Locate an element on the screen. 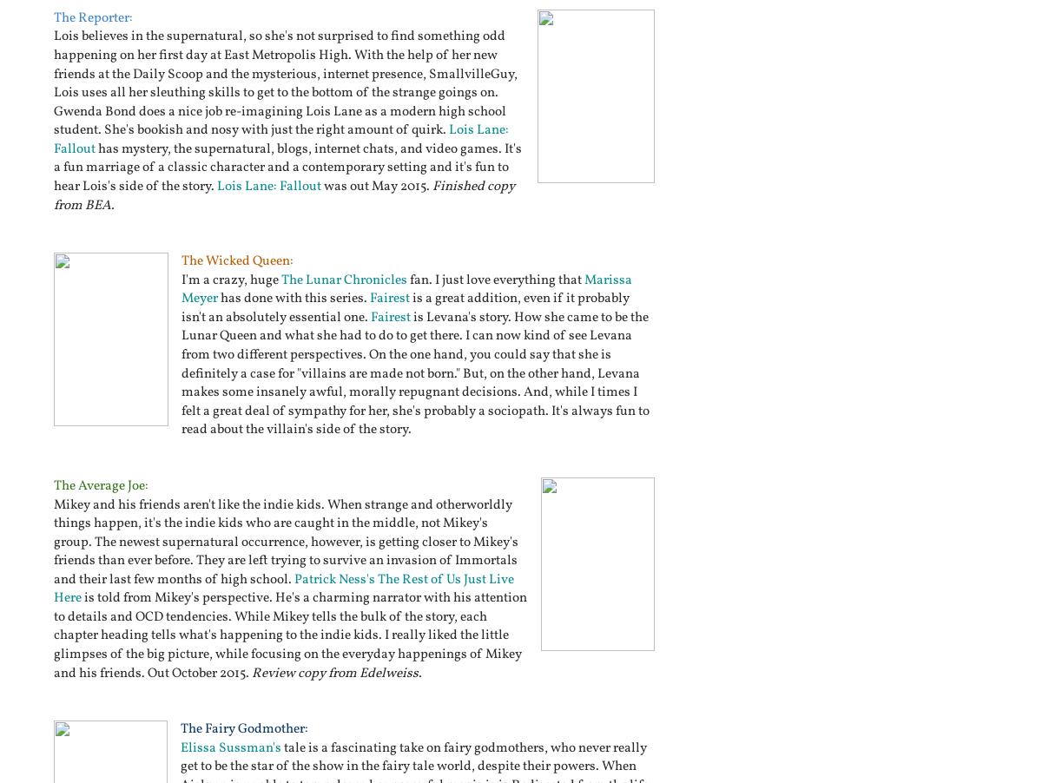 The width and height of the screenshot is (1049, 783). 'was out May 2015.' is located at coordinates (376, 185).